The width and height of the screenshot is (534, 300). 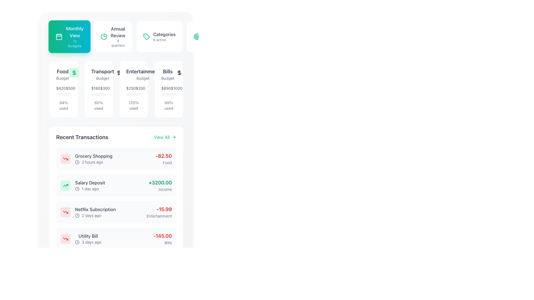 I want to click on the informational text label that conveys the percentage of the budget used, located in the 'Bills' budget summary block beneath the progress bar, so click(x=168, y=106).